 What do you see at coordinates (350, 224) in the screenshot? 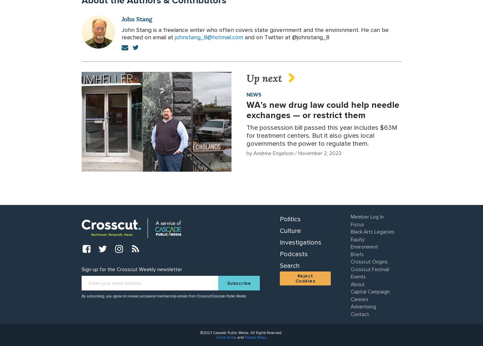
I see `'Focus'` at bounding box center [350, 224].